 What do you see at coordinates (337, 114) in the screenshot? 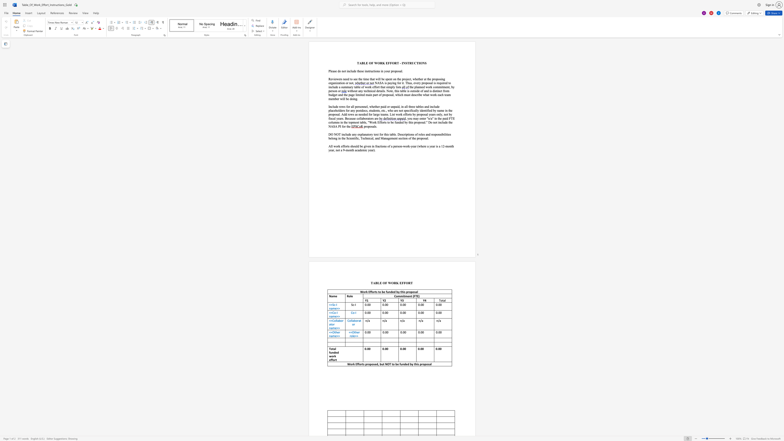
I see `the 1th character "s" in the text` at bounding box center [337, 114].